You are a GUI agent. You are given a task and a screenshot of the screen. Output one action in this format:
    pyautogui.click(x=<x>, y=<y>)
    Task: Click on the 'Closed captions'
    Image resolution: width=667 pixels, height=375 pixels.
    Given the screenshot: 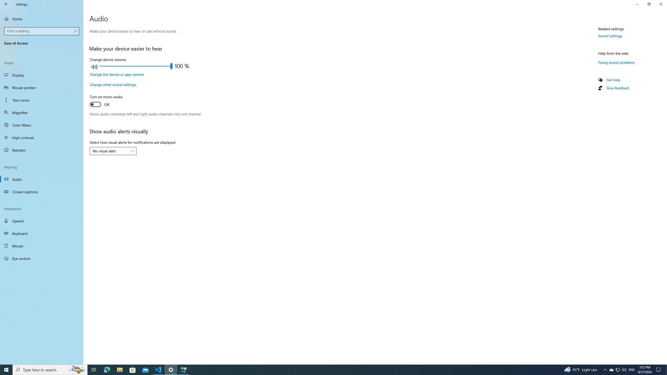 What is the action you would take?
    pyautogui.click(x=41, y=191)
    